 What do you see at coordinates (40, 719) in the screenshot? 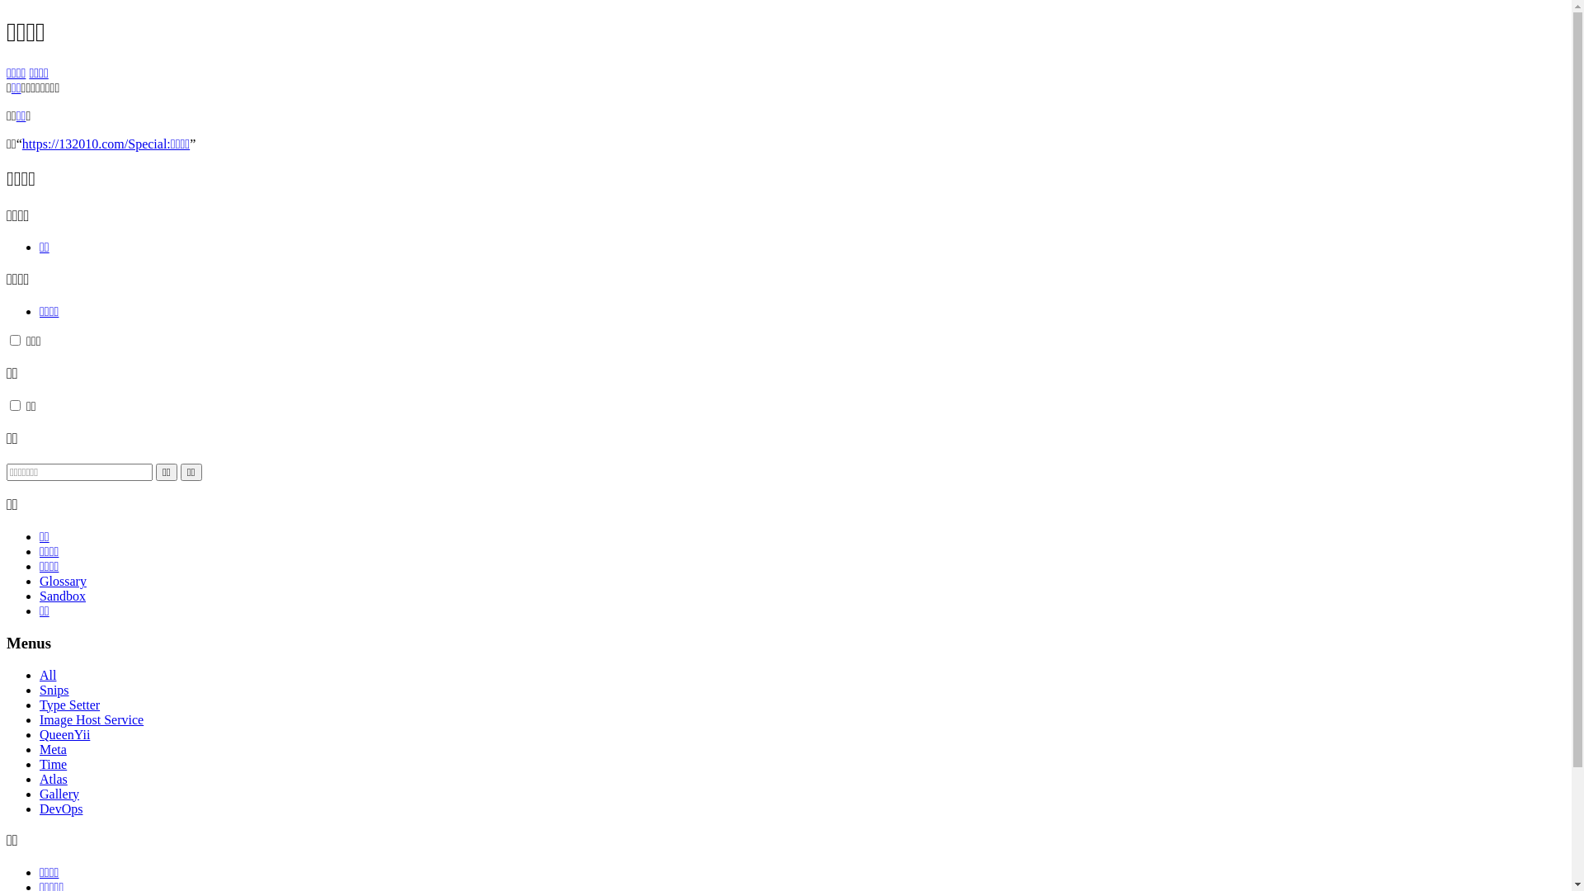
I see `'Image Host Service'` at bounding box center [40, 719].